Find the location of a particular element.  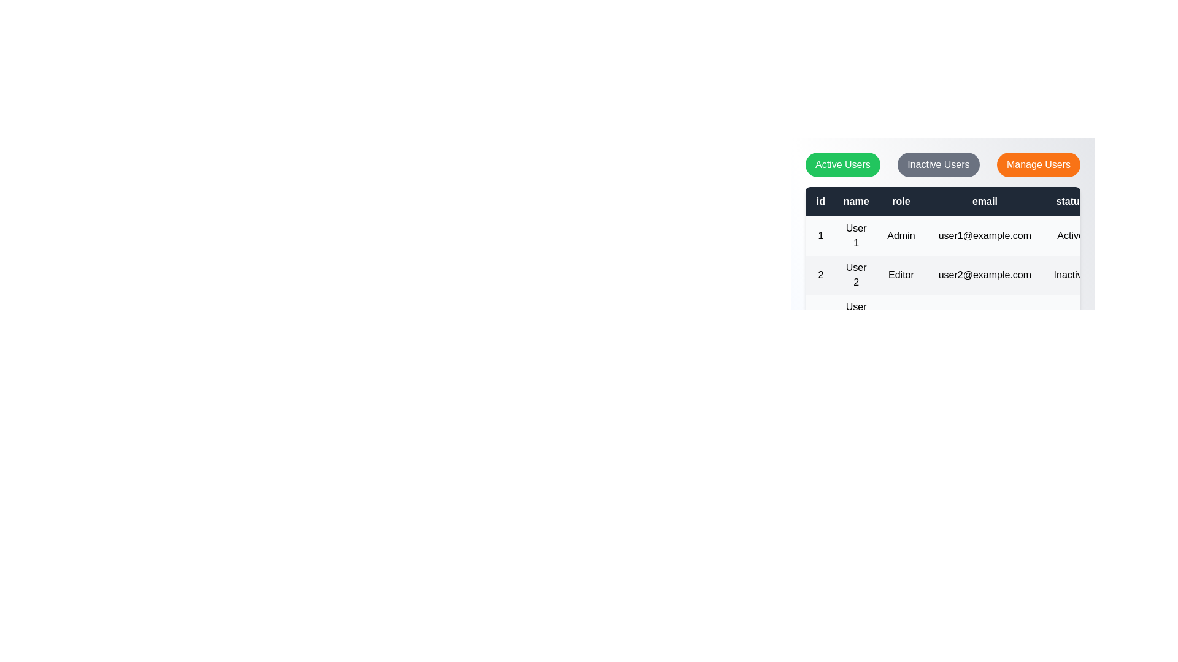

the 'Inactive Users' button to filter the user list by inactive status is located at coordinates (937, 164).